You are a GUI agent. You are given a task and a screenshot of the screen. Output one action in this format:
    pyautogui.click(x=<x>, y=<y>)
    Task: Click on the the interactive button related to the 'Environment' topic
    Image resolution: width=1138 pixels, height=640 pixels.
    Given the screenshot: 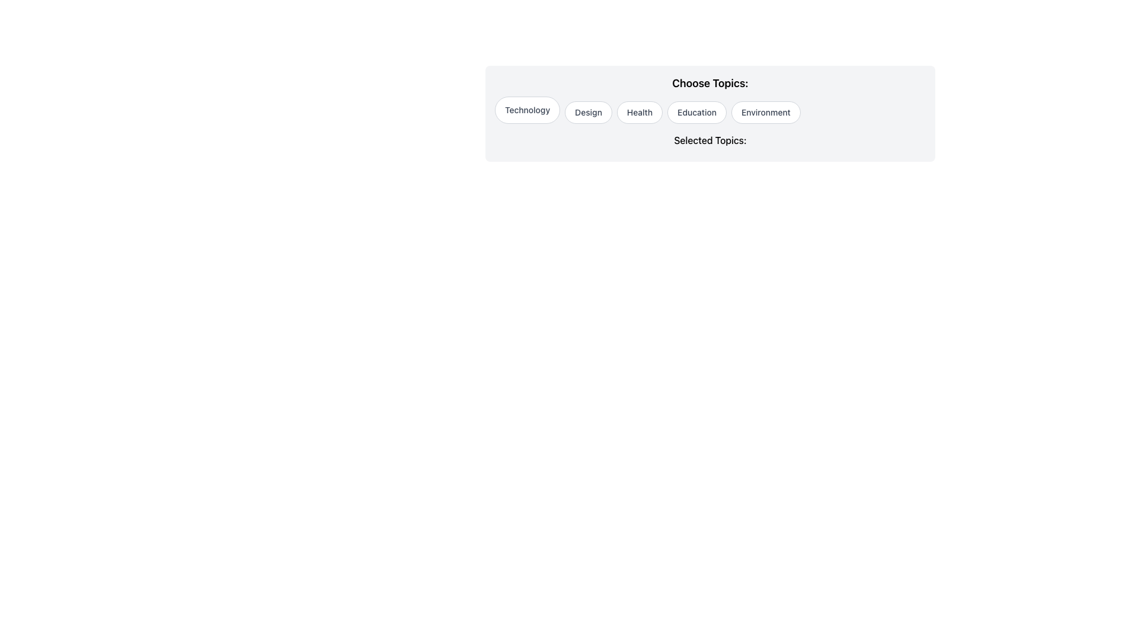 What is the action you would take?
    pyautogui.click(x=765, y=112)
    